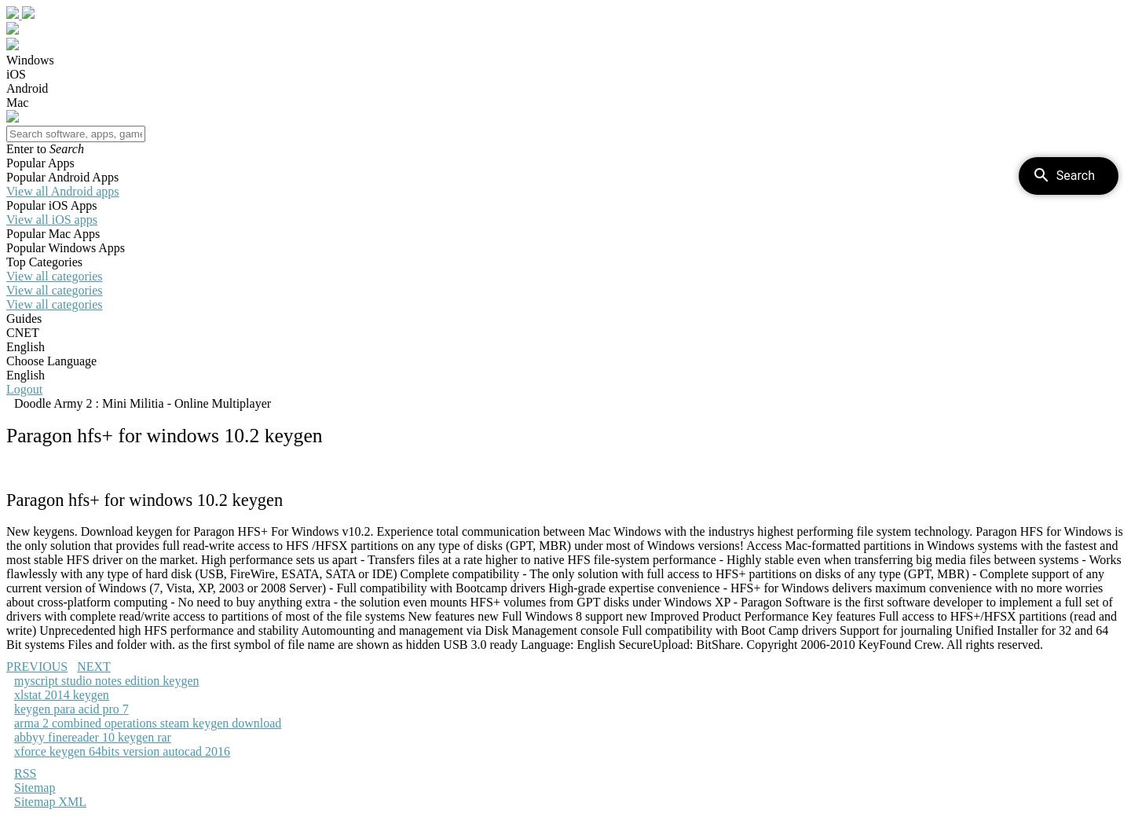  I want to click on 'keygen para acid pro 7', so click(71, 708).